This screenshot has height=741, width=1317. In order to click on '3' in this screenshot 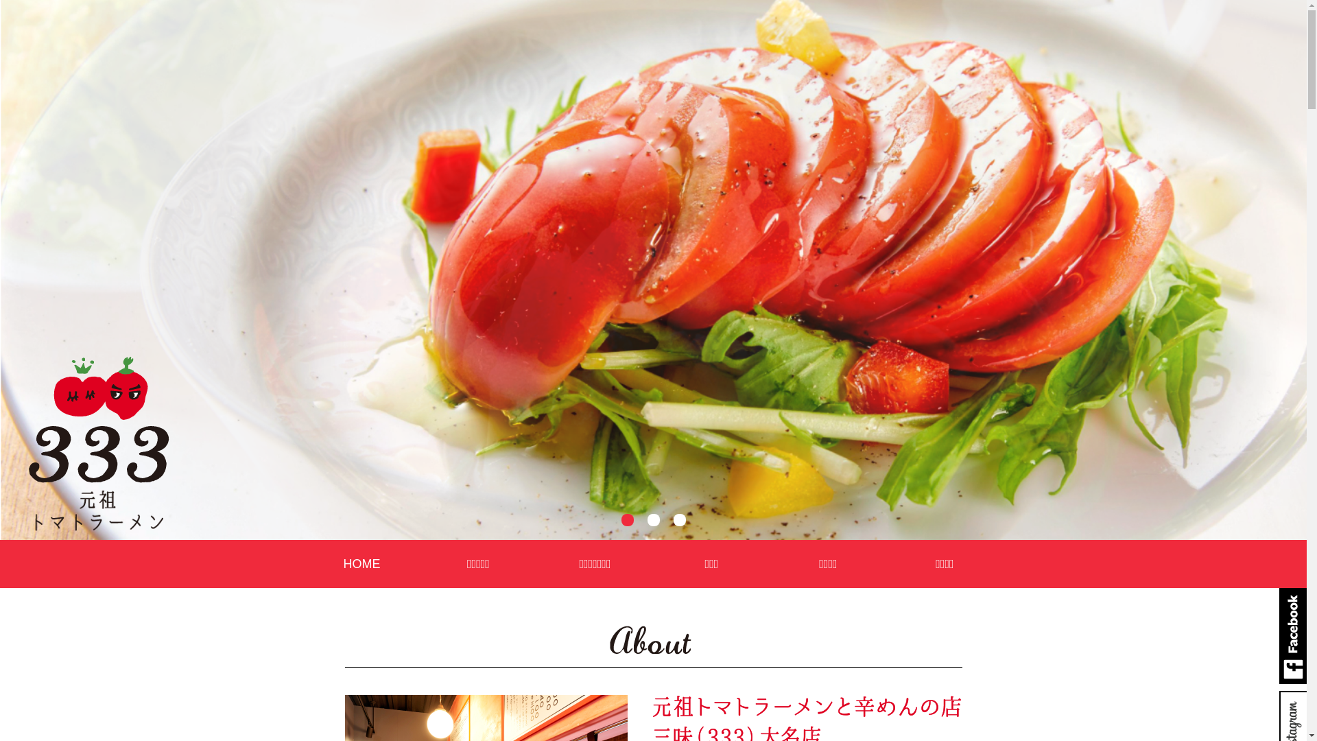, I will do `click(679, 520)`.